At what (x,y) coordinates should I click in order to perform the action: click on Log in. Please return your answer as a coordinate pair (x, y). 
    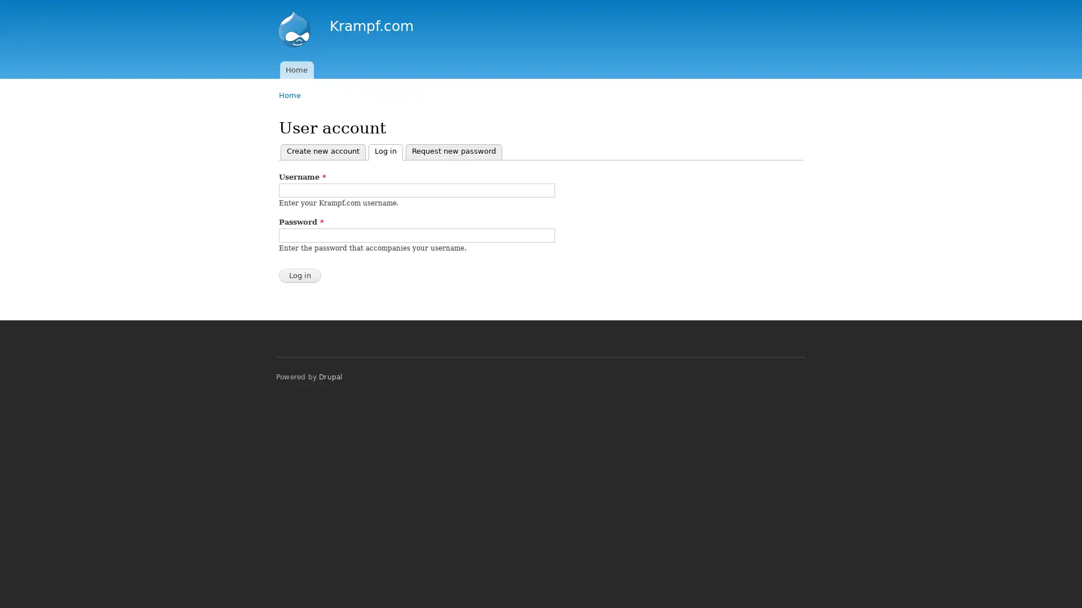
    Looking at the image, I should click on (300, 275).